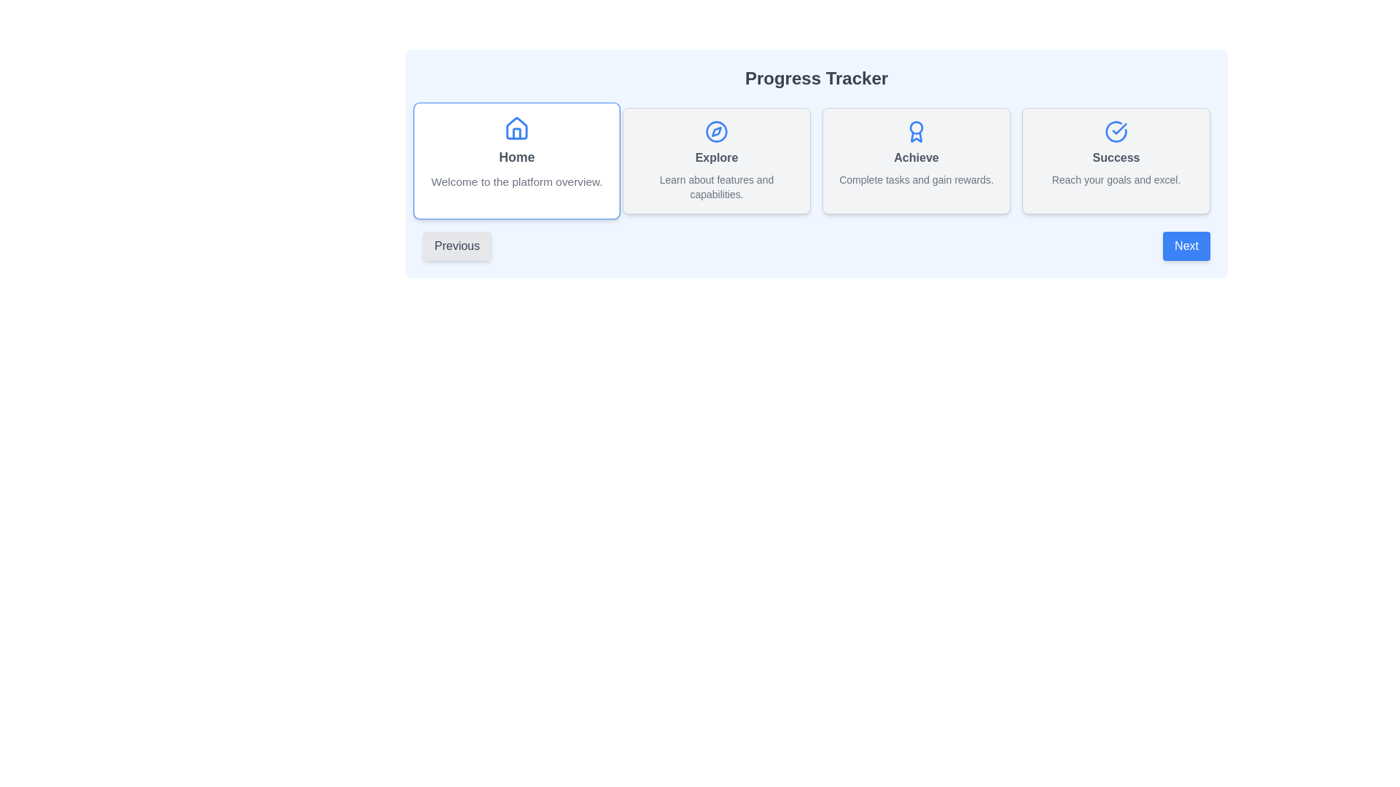 The height and width of the screenshot is (787, 1400). I want to click on the SVG Circle with a blue stroke located at the center of the second card labeled 'Explore' beneath the heading 'Progress Tracker', so click(717, 132).